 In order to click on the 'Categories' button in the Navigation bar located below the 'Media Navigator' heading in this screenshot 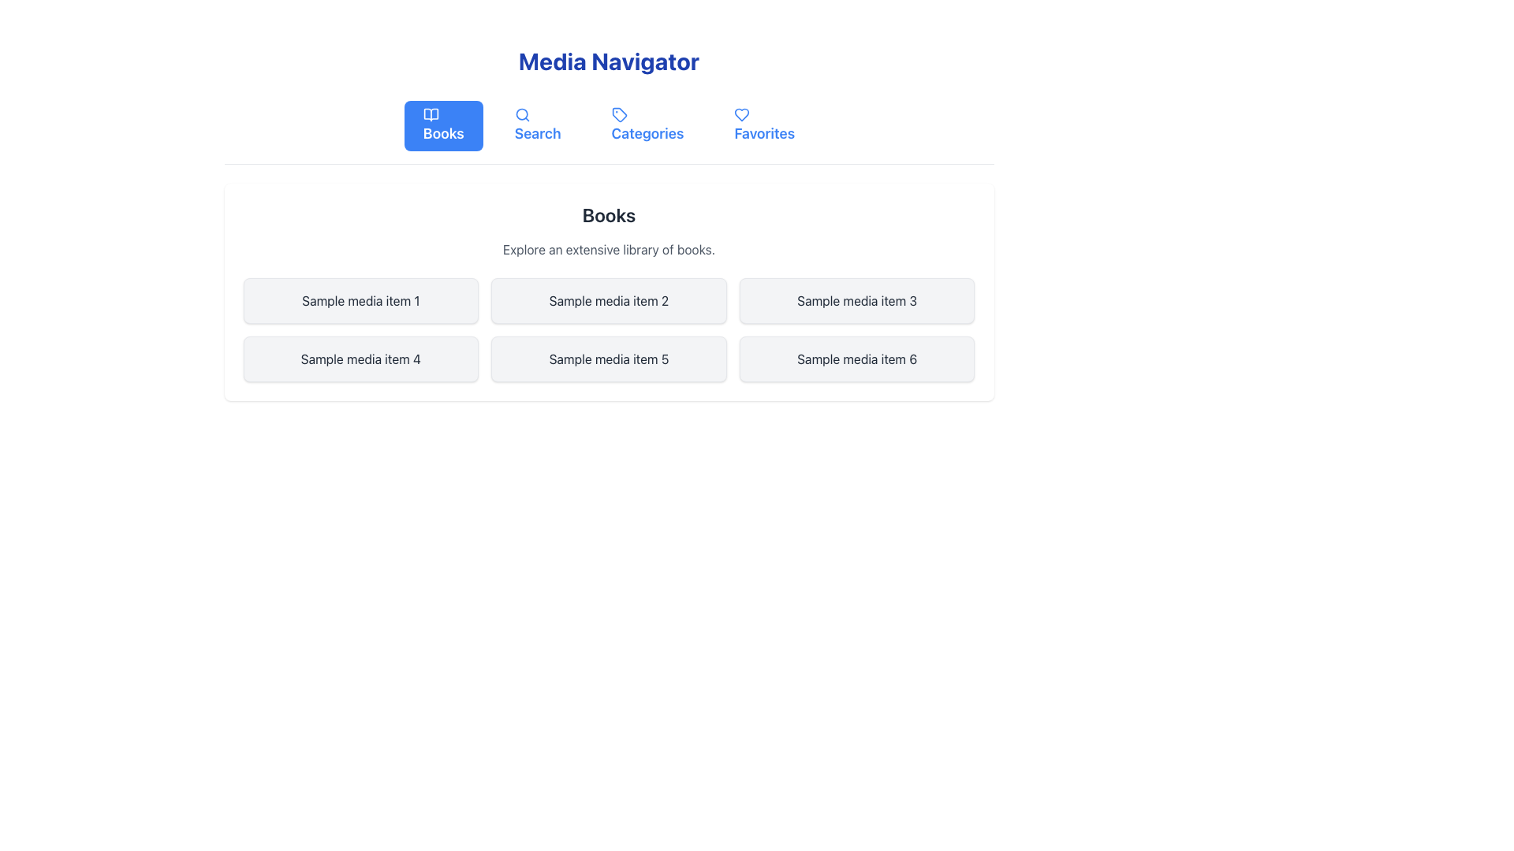, I will do `click(608, 132)`.